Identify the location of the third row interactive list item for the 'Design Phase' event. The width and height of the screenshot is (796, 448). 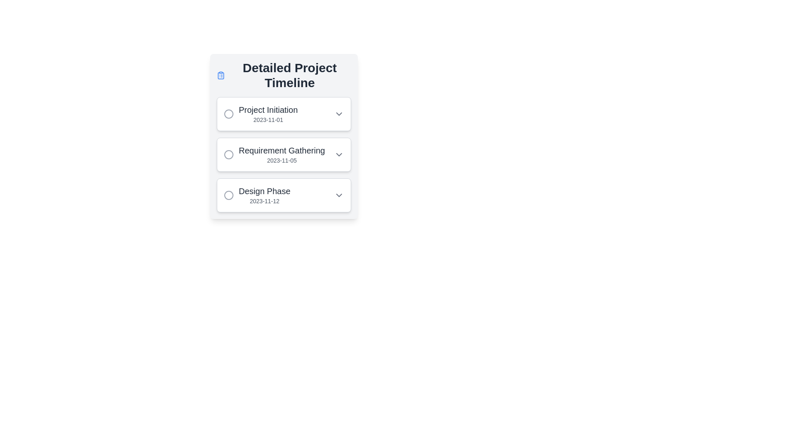
(284, 195).